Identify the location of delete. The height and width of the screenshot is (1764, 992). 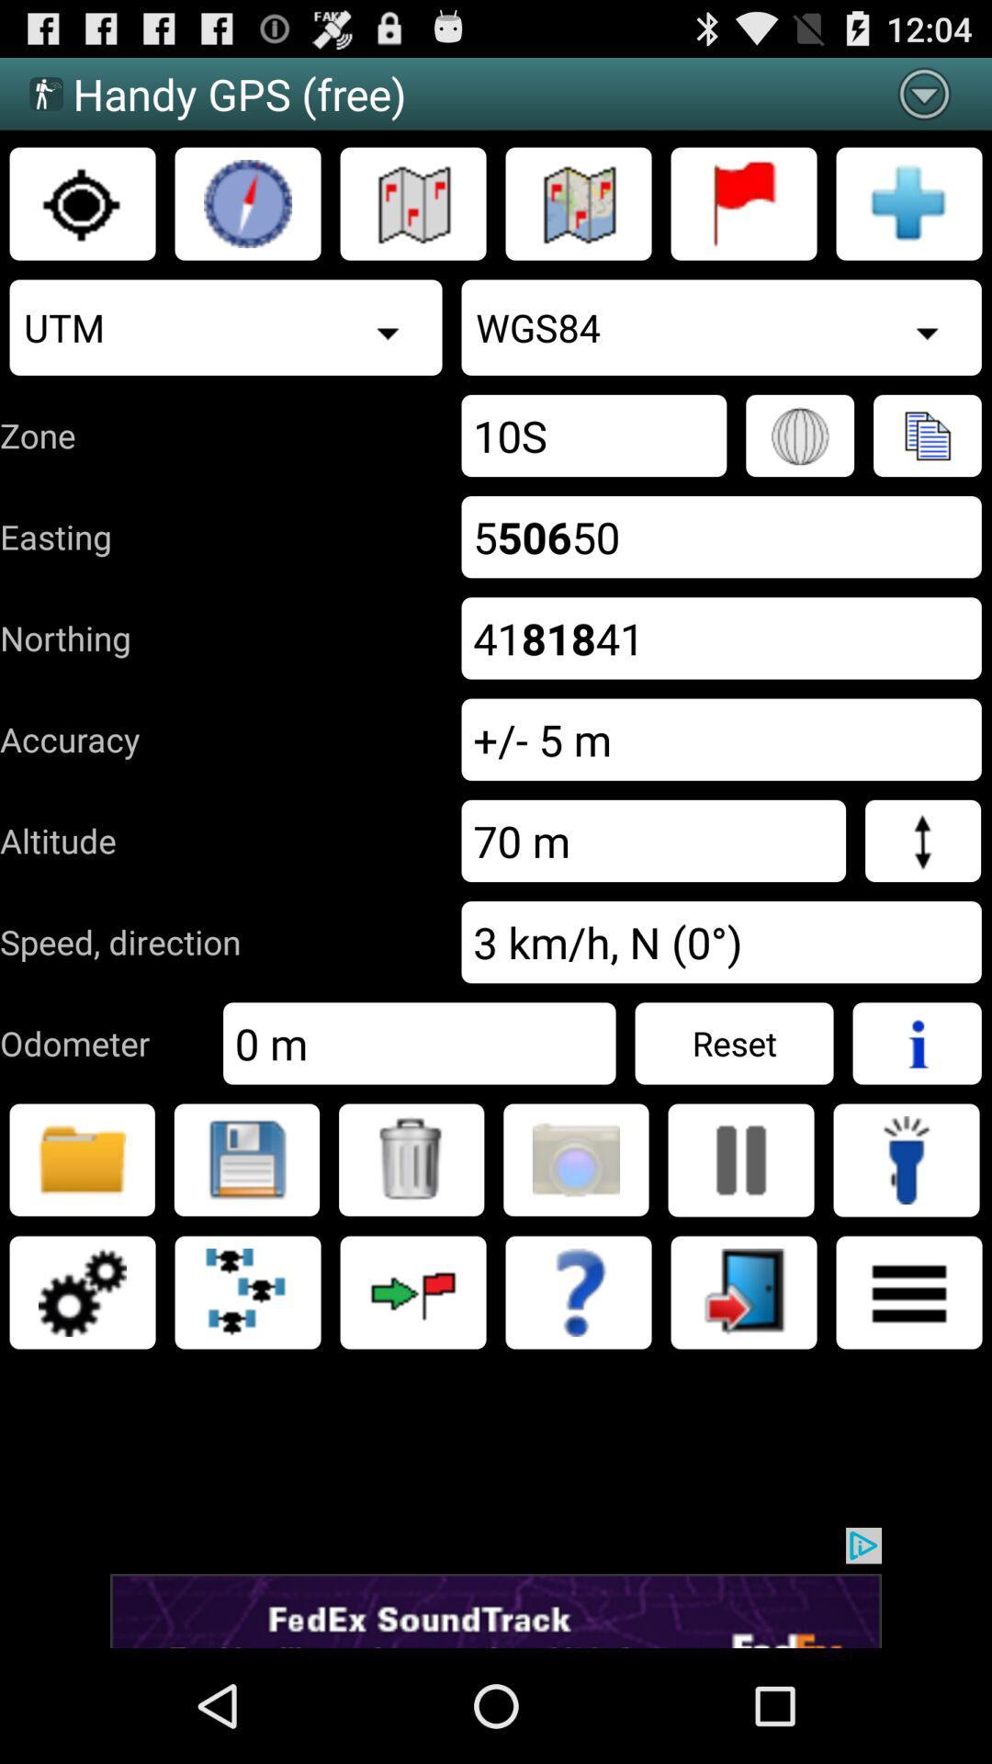
(411, 1159).